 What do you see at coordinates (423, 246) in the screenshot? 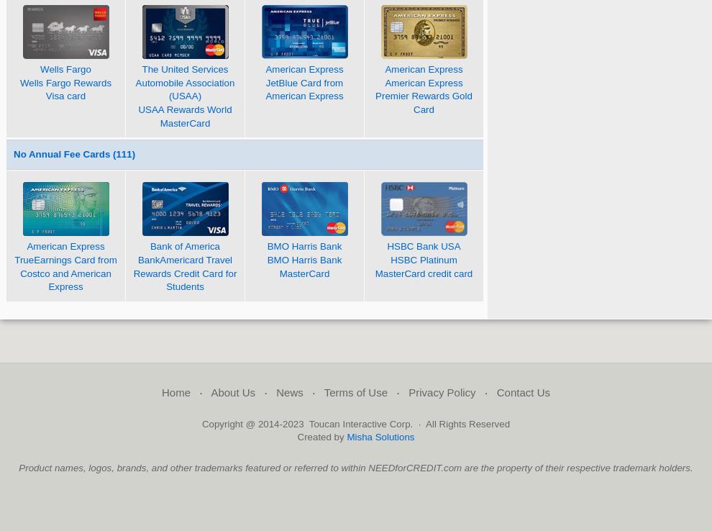
I see `'HSBC Bank USA'` at bounding box center [423, 246].